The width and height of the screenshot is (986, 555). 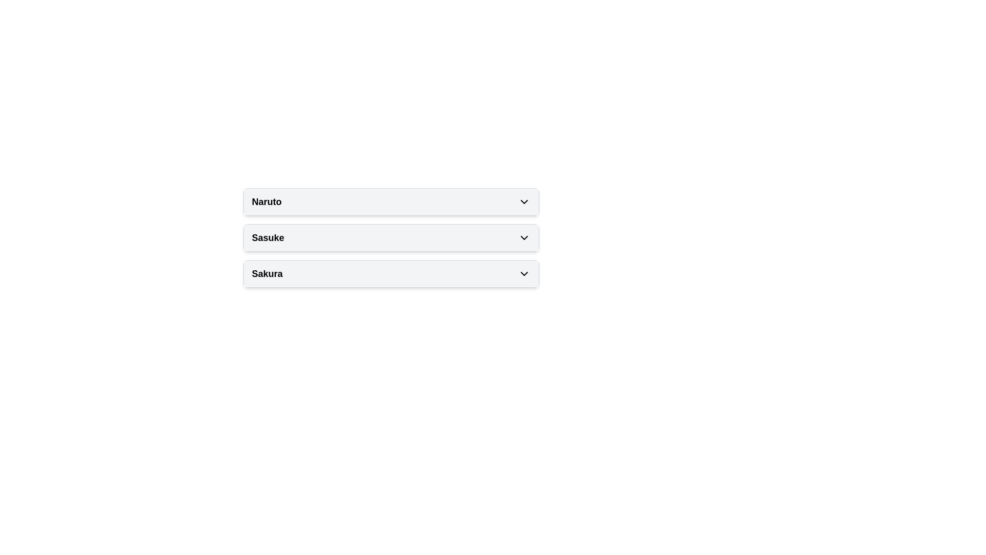 I want to click on the 'Sakura' dropdown menu button, which is the third item in a vertical list of similar dropdown components, so click(x=390, y=273).